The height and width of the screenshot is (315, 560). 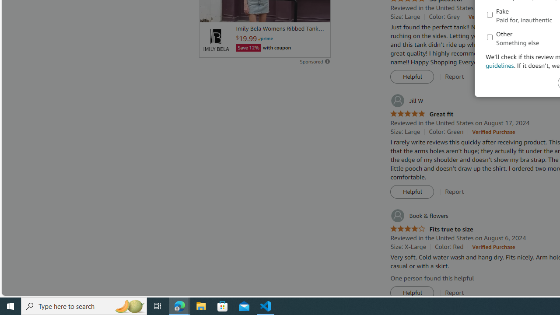 What do you see at coordinates (412, 293) in the screenshot?
I see `'Helpful'` at bounding box center [412, 293].